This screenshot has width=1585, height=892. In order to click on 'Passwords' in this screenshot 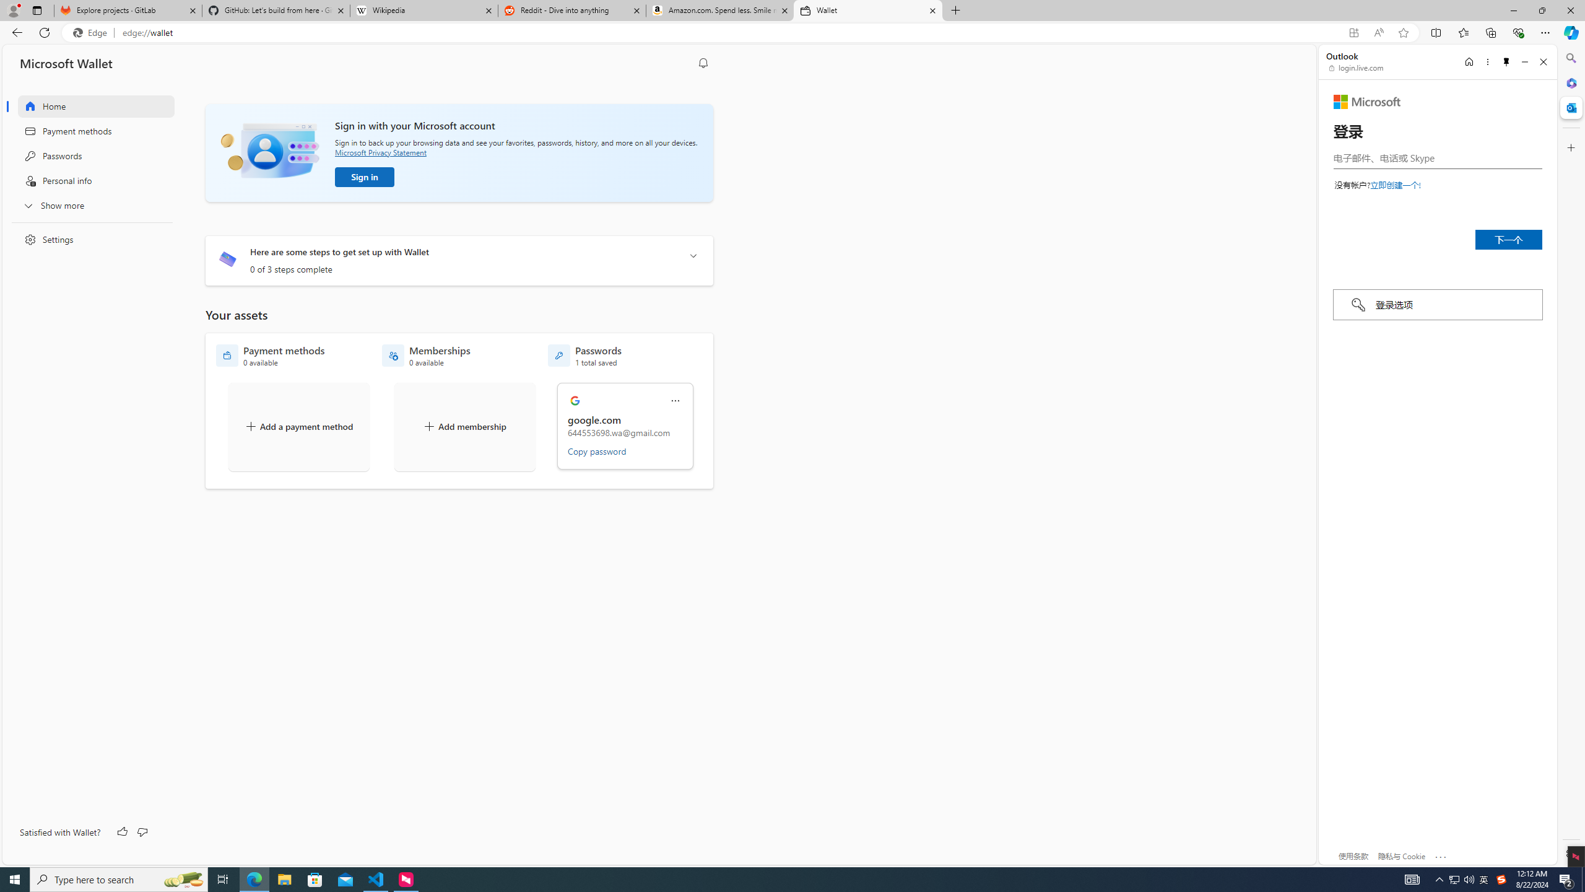, I will do `click(88, 155)`.